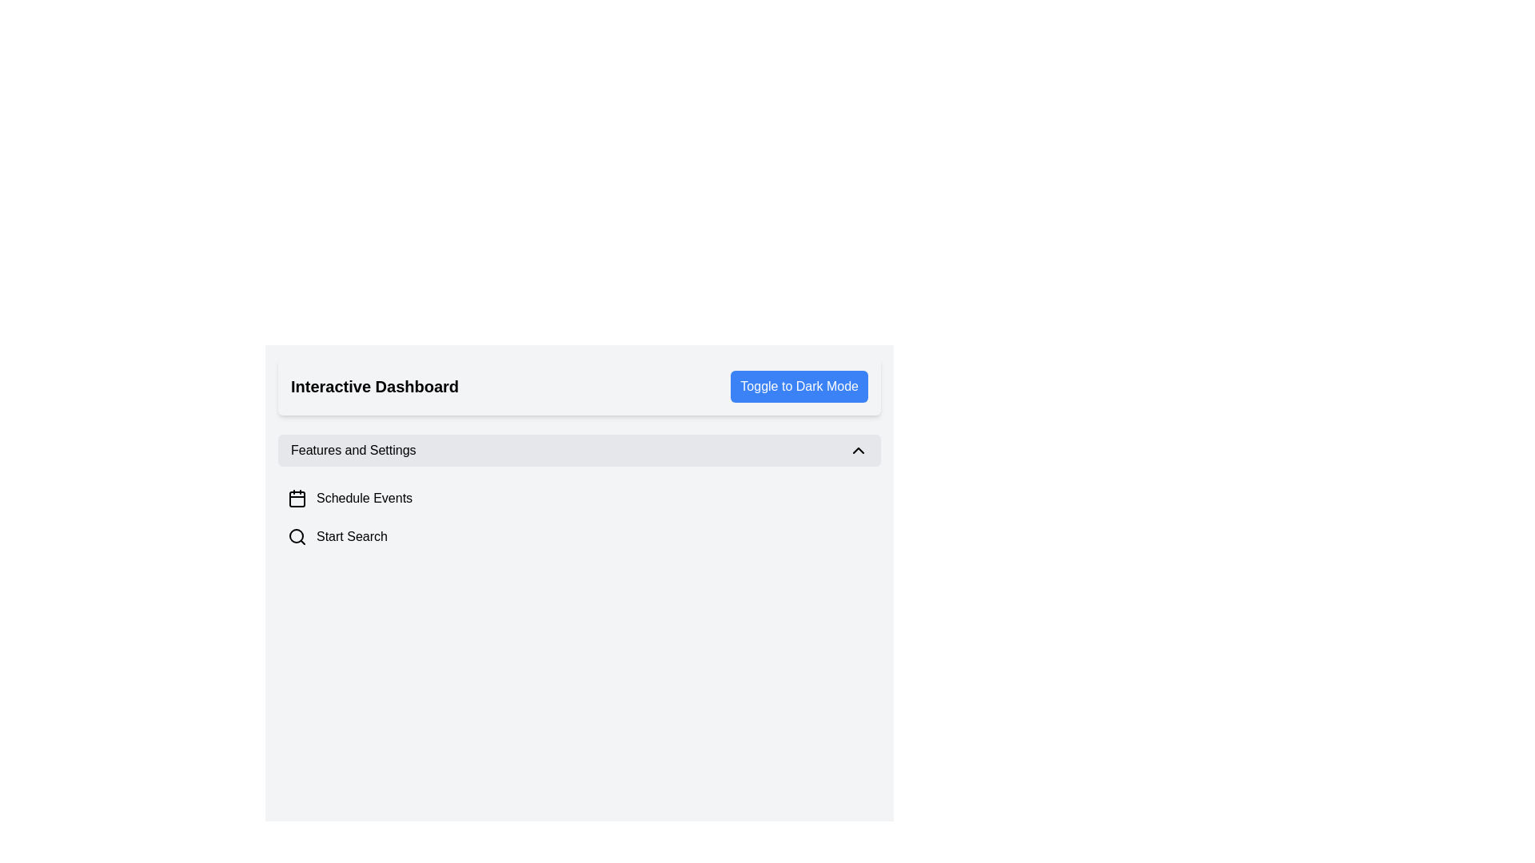 This screenshot has height=863, width=1535. I want to click on the button located on the right side of the 'Interactive Dashboard' panel, so click(799, 386).